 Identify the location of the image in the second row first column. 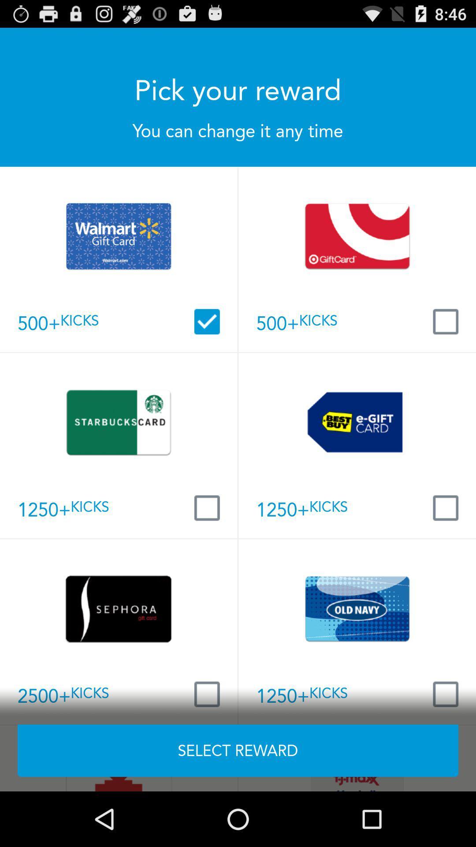
(118, 422).